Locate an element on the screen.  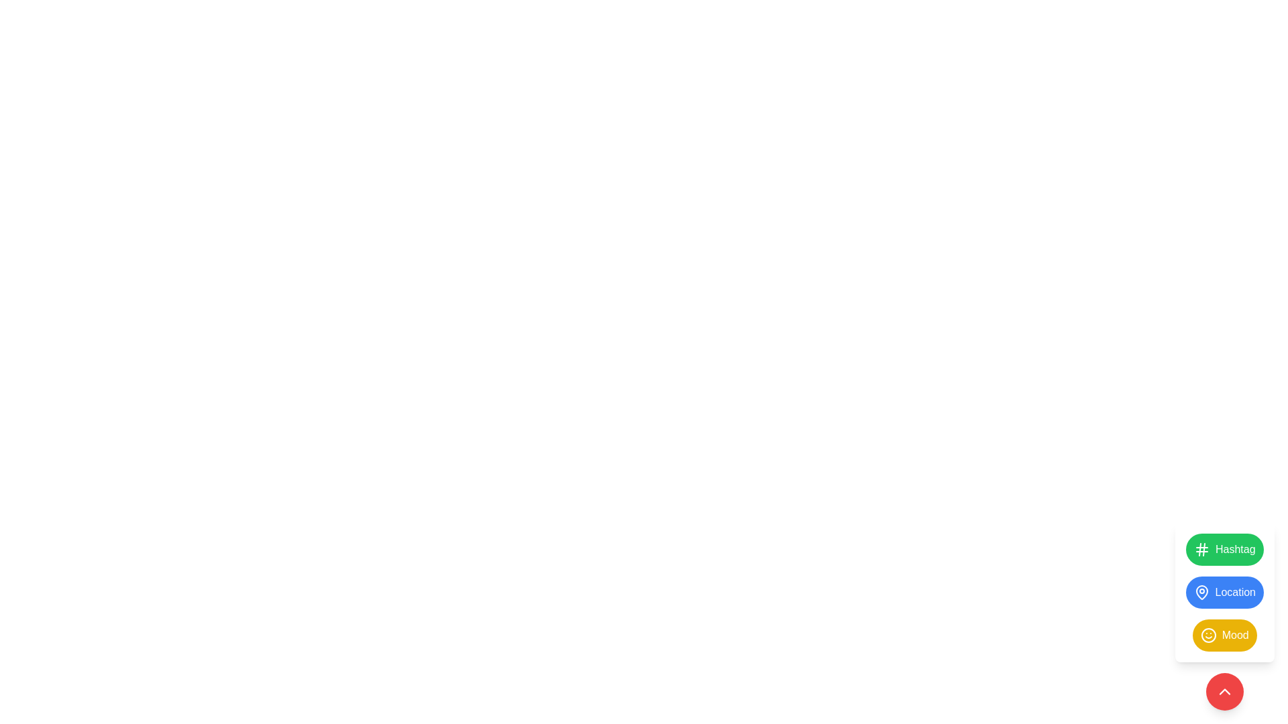
the 'Mood' text label within the yellow rounded button, which is part of a vertical list of buttons, to perform an extended action is located at coordinates (1234, 635).